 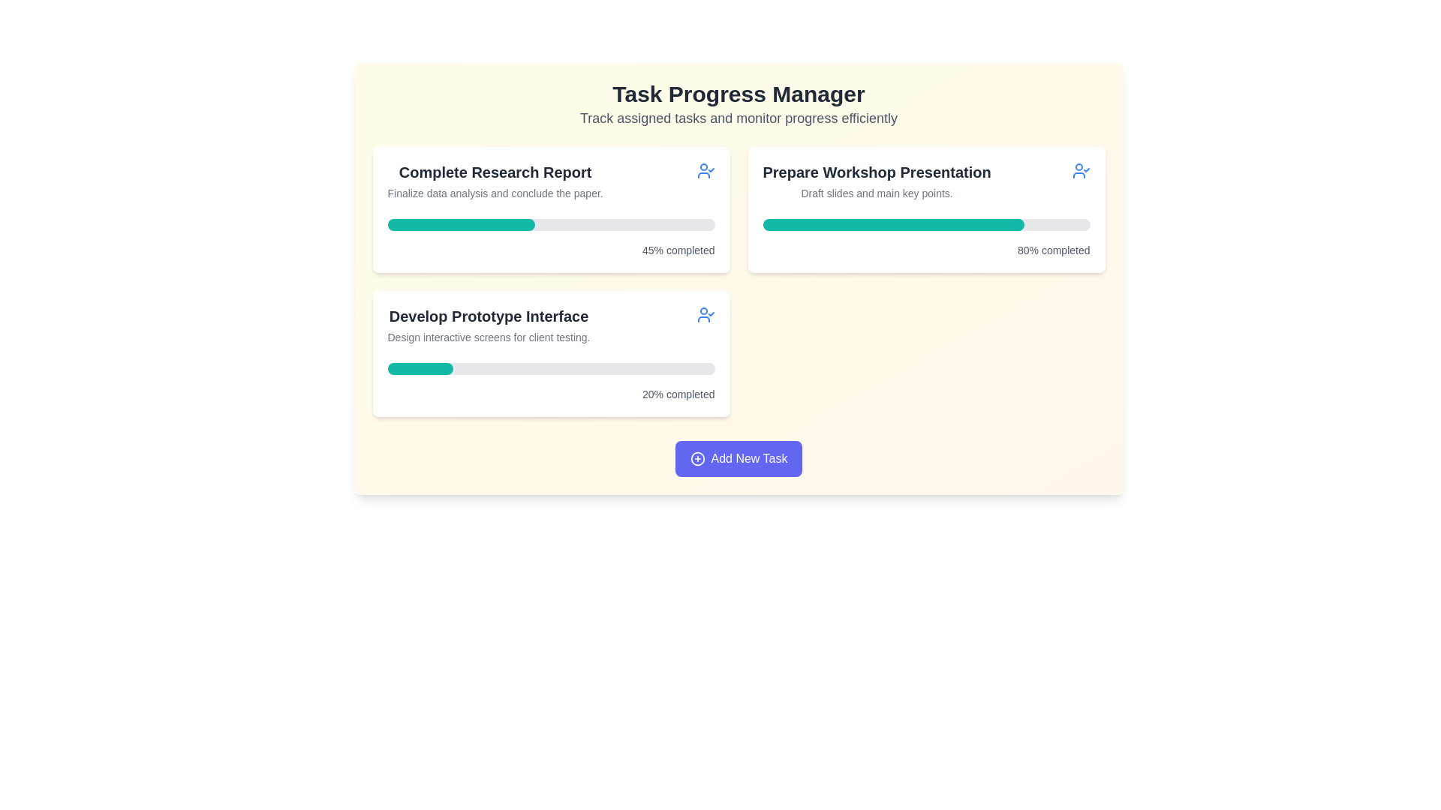 I want to click on the progress bar indicating 80% completion located in the 'Prepare Workshop Presentation' card, which is beneath the description 'Draft slides and main key points.', so click(x=925, y=225).